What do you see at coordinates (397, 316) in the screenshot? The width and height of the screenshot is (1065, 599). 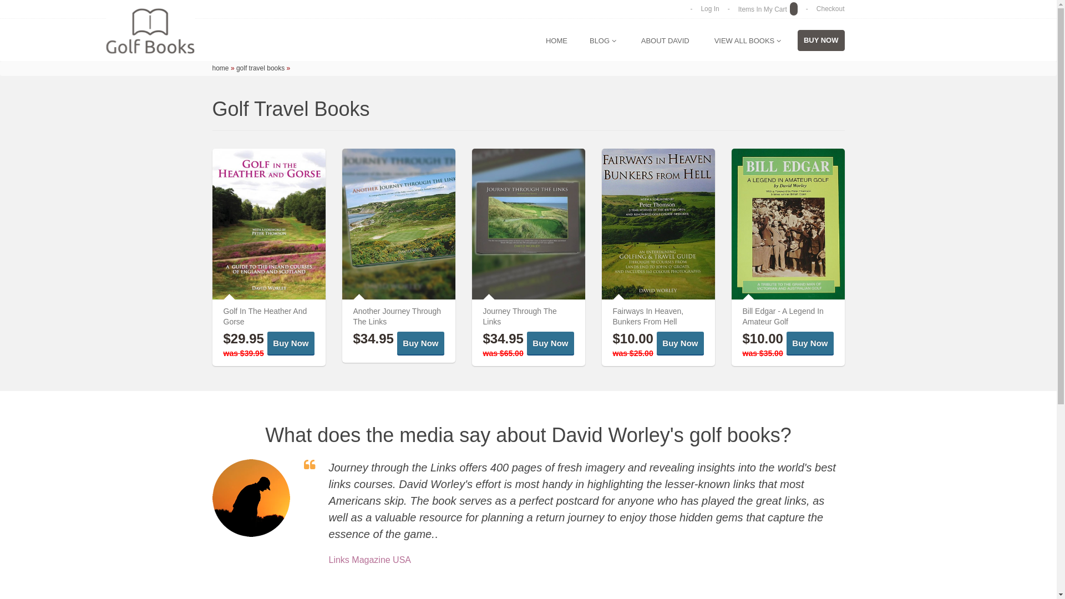 I see `'Another Journey Through The Links'` at bounding box center [397, 316].